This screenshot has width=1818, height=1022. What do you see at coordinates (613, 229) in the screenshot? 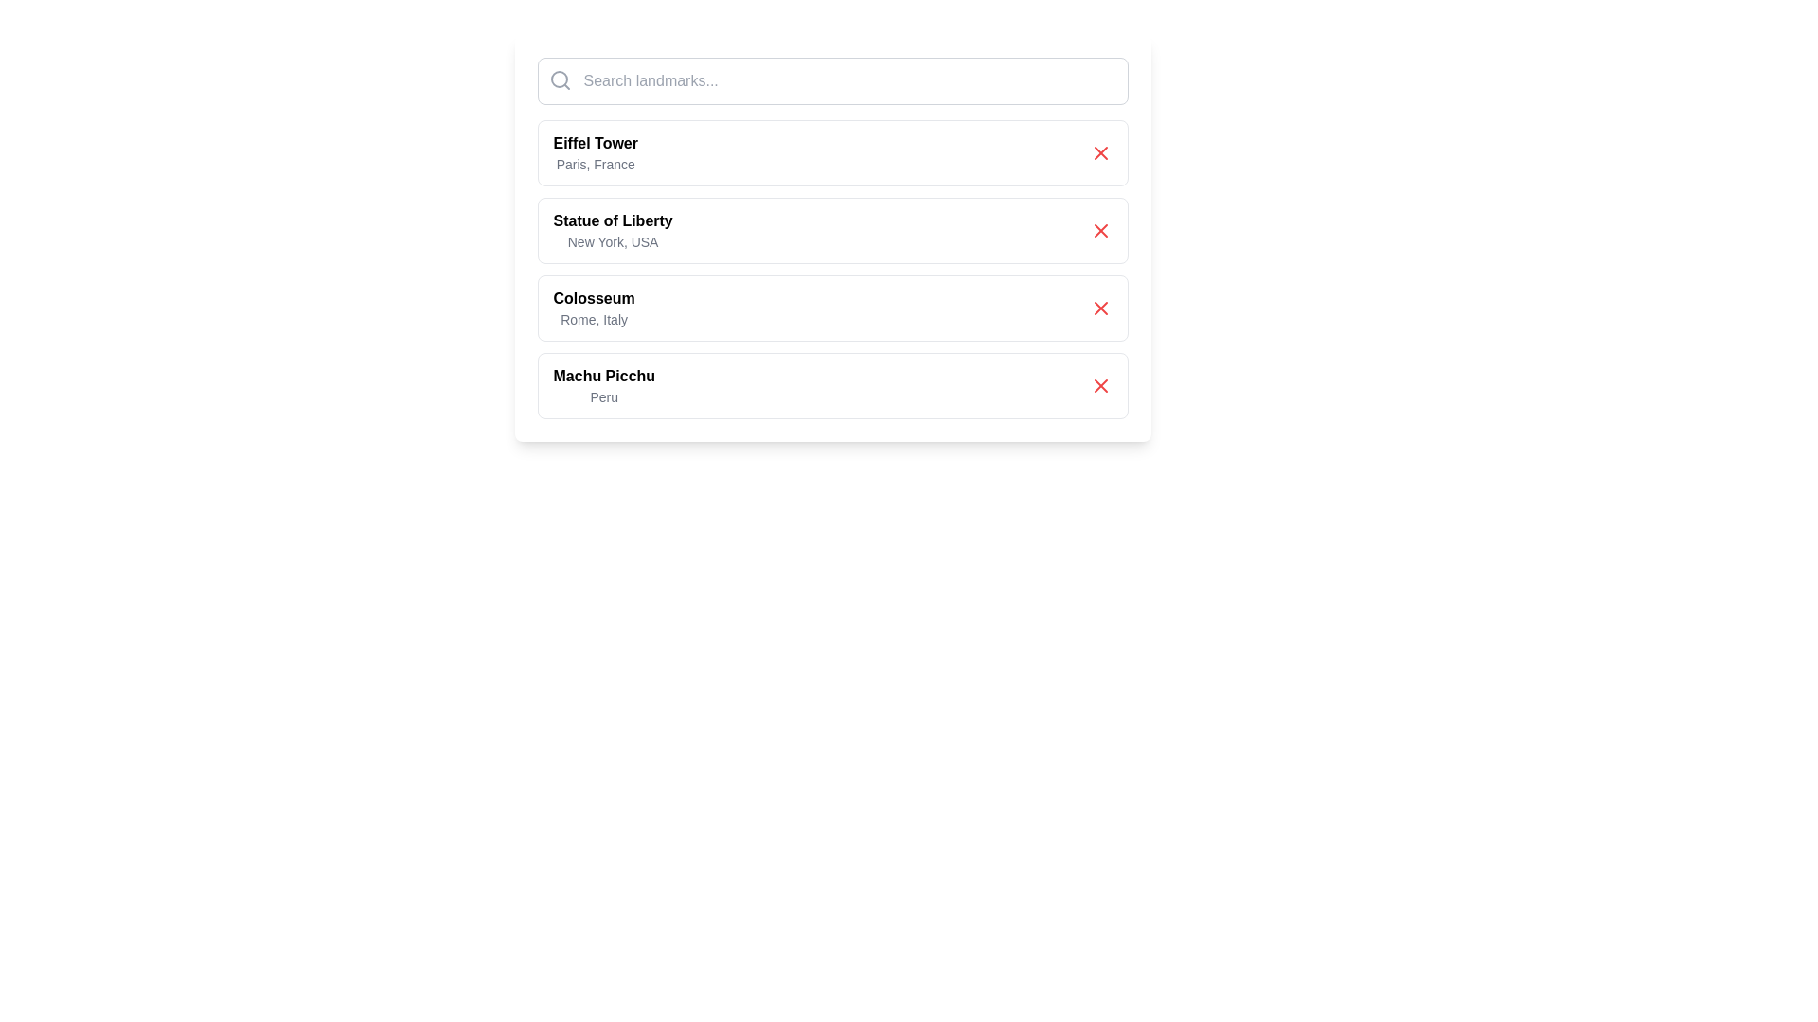
I see `the list item labeled 'Statue of Liberty' which is the second item in a vertical list of landmarks` at bounding box center [613, 229].